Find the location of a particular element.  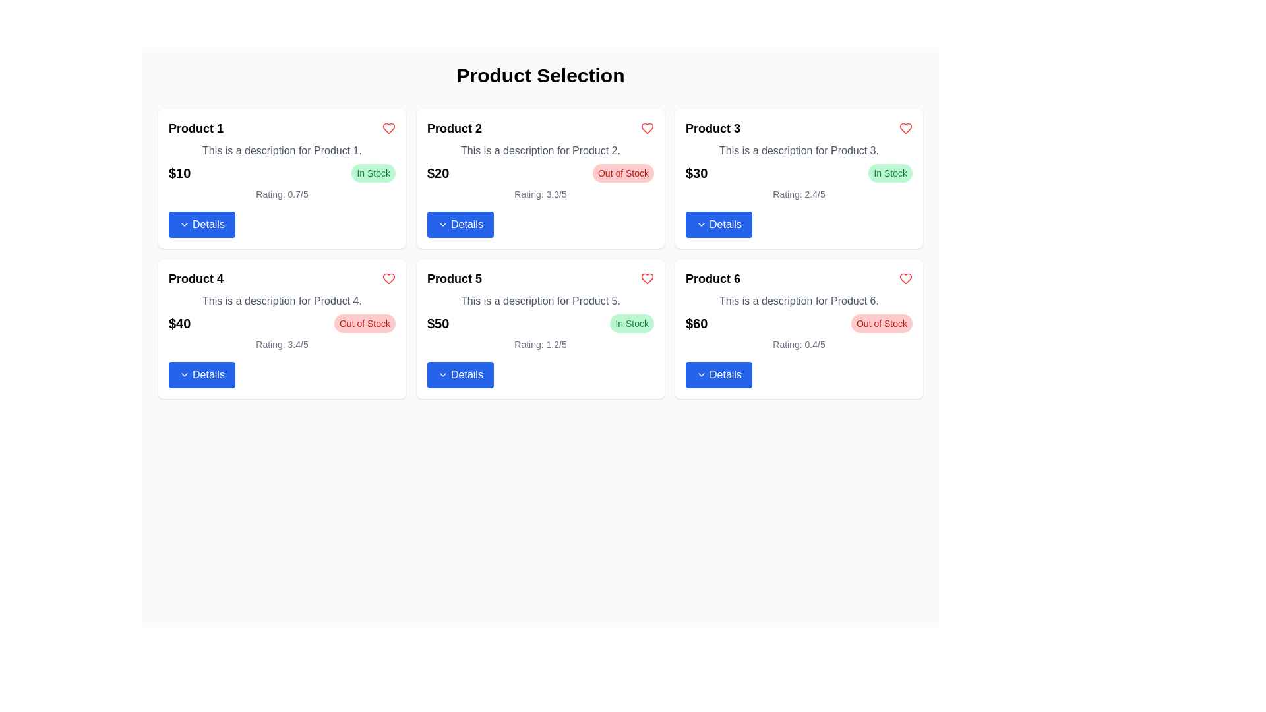

the static text display element showing 'Rating: 1.2/5' located underneath the pricing information of 'Product 5', positioned above the 'Details' button is located at coordinates (541, 344).